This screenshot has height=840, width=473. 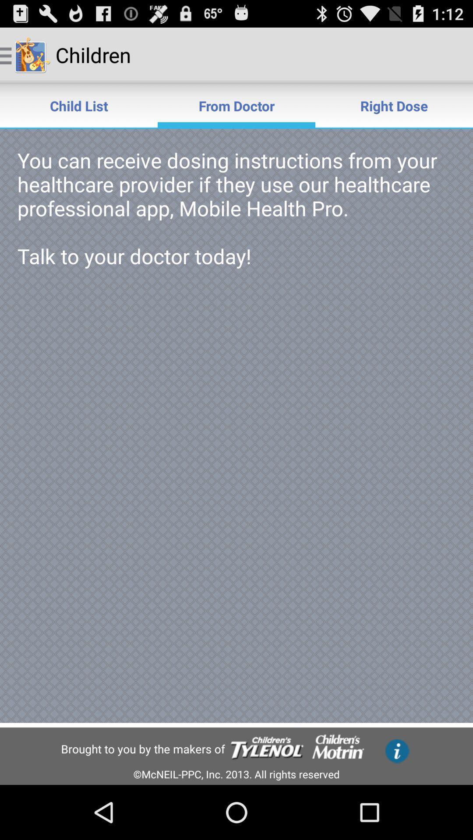 I want to click on the right dose icon, so click(x=393, y=105).